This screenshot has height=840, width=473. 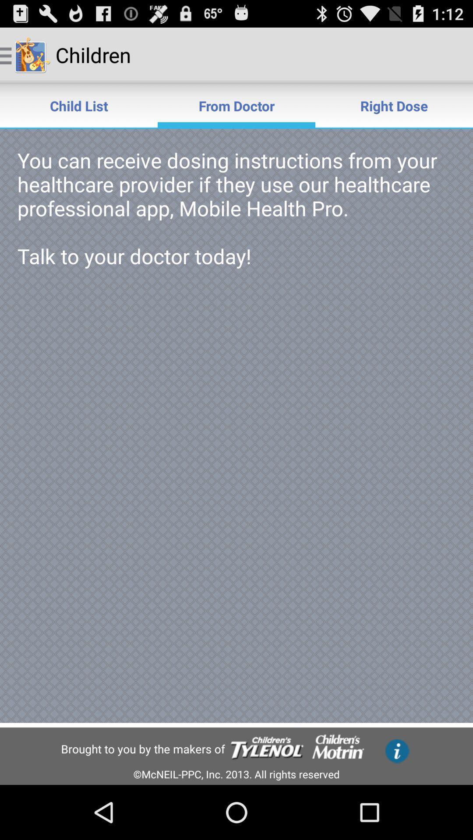 I want to click on the right dose icon, so click(x=393, y=105).